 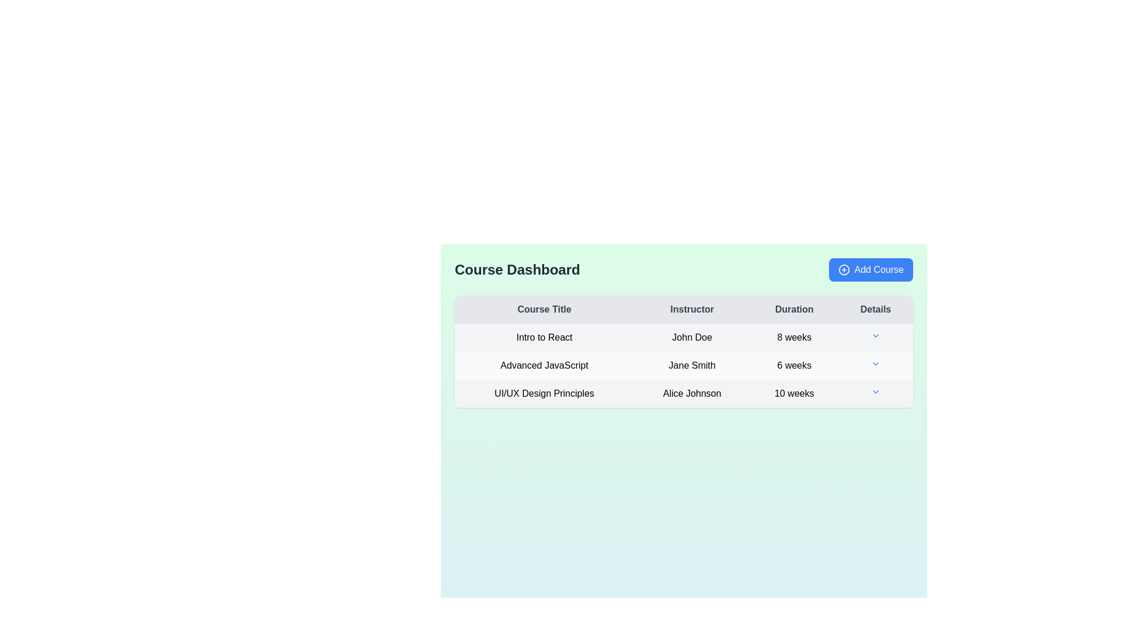 I want to click on the 'Duration' text label, which is a bold, dark-colored font header in a table layout, positioned between 'Instructor' and 'Details', so click(x=794, y=308).